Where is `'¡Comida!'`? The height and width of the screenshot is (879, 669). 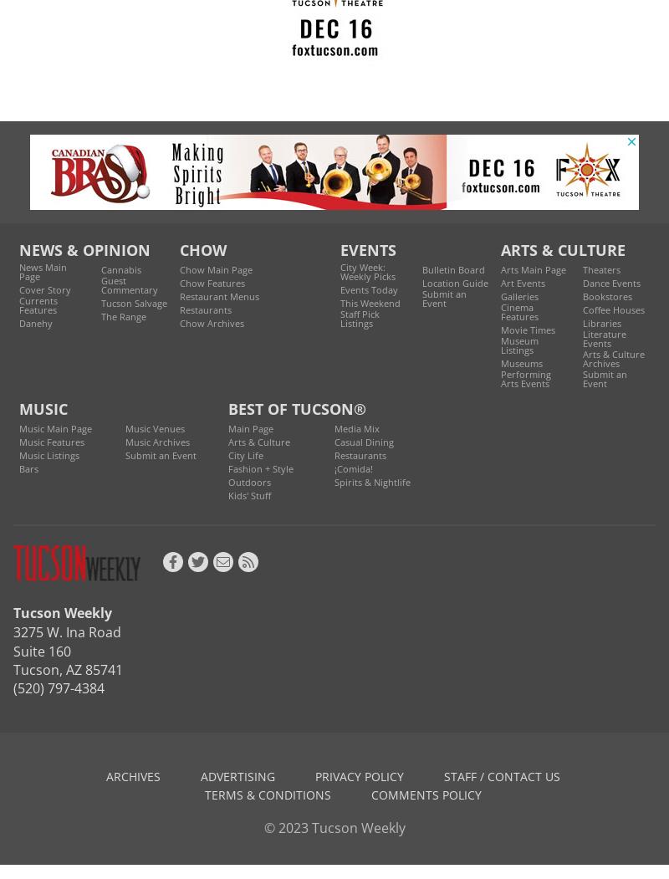
'¡Comida!' is located at coordinates (354, 467).